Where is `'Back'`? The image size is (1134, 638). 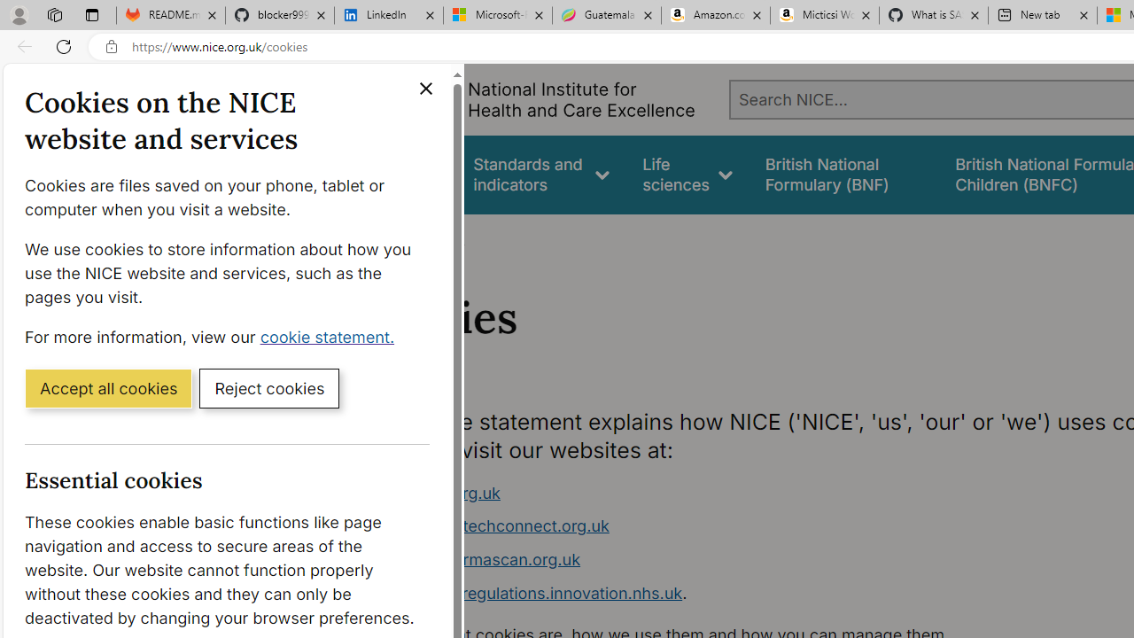
'Back' is located at coordinates (21, 45).